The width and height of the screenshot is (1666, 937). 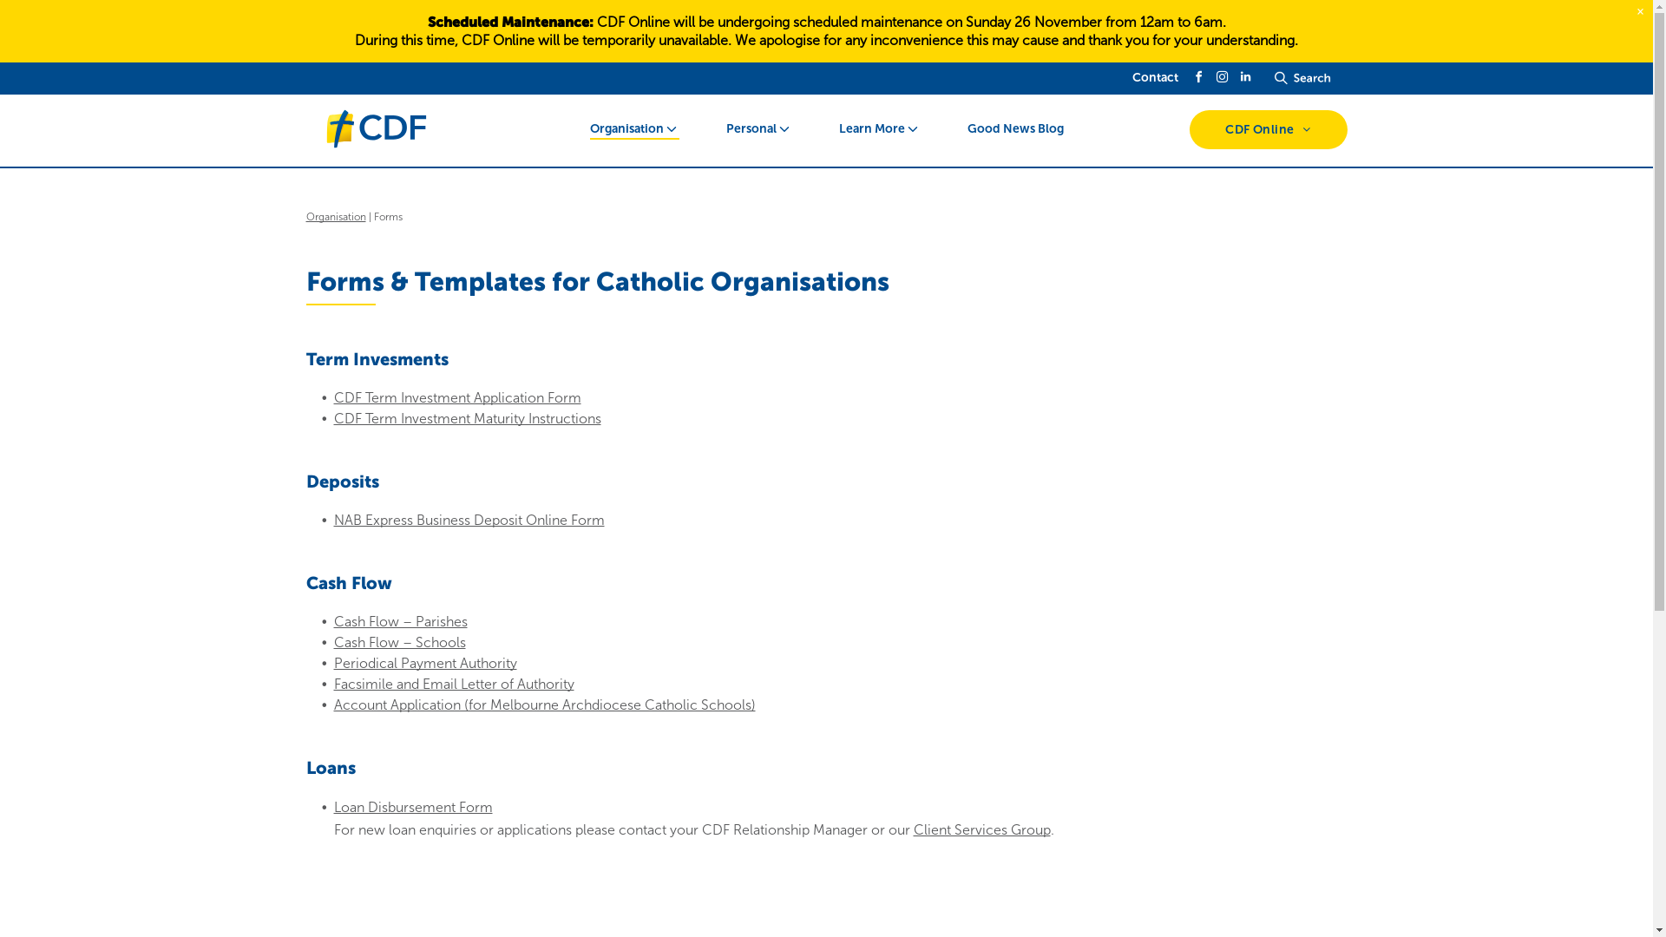 I want to click on 'Personal', so click(x=751, y=128).